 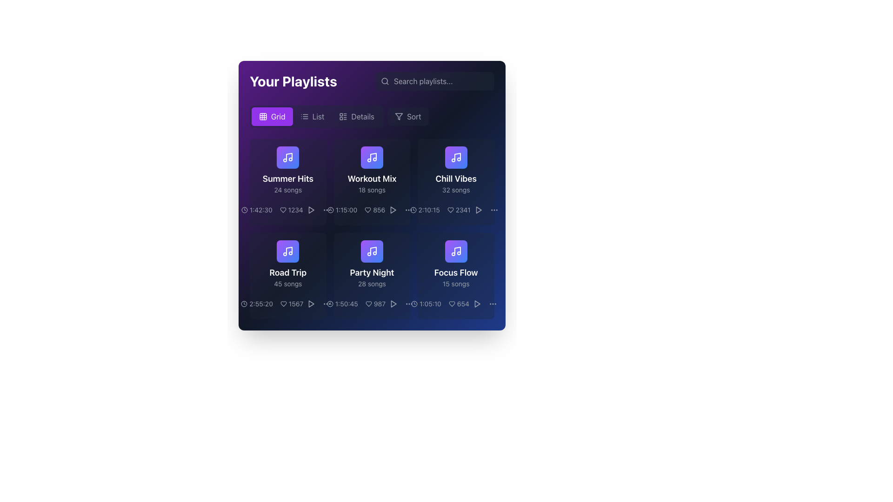 What do you see at coordinates (414, 304) in the screenshot?
I see `the circular SVG graphical element located within the clock icon next to the timestamp '1:05:10' in the grid titled 'Your Playlists'` at bounding box center [414, 304].